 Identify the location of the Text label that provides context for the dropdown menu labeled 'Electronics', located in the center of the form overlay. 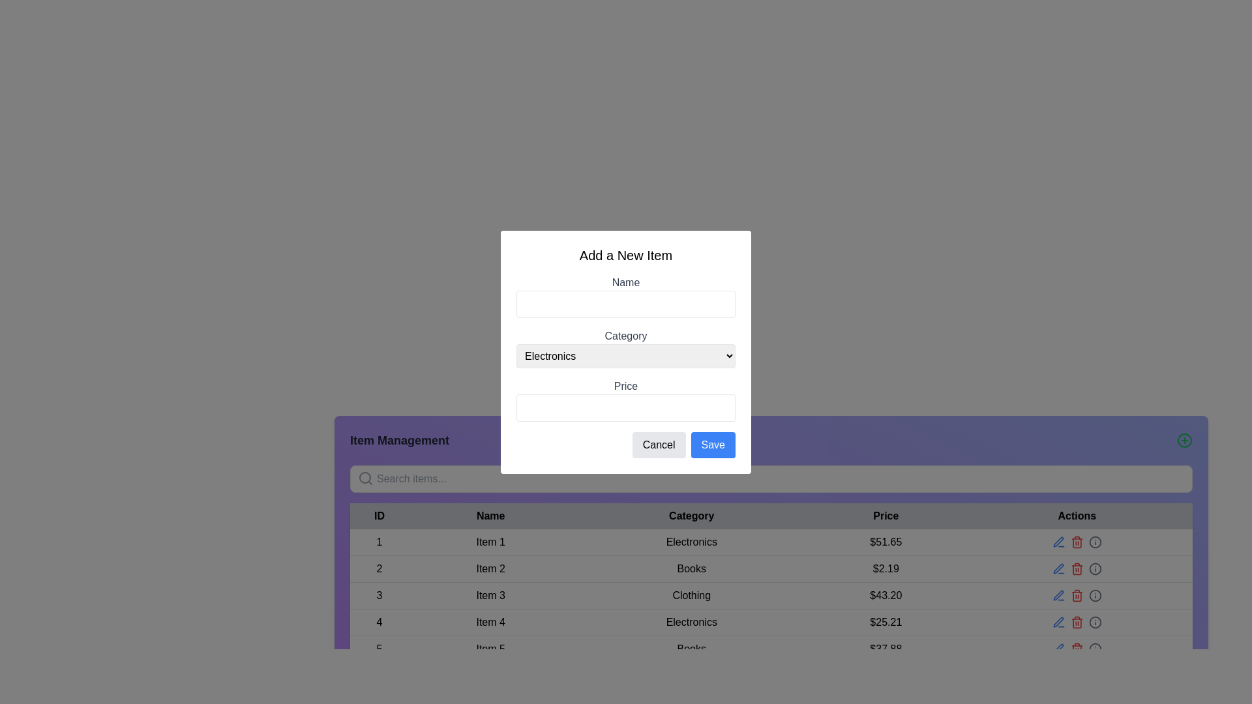
(626, 335).